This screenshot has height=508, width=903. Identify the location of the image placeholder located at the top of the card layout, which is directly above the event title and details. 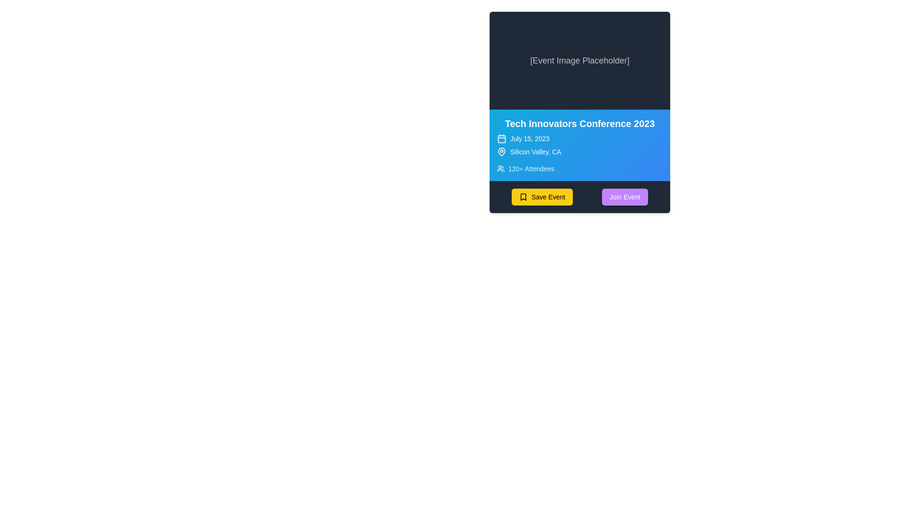
(579, 60).